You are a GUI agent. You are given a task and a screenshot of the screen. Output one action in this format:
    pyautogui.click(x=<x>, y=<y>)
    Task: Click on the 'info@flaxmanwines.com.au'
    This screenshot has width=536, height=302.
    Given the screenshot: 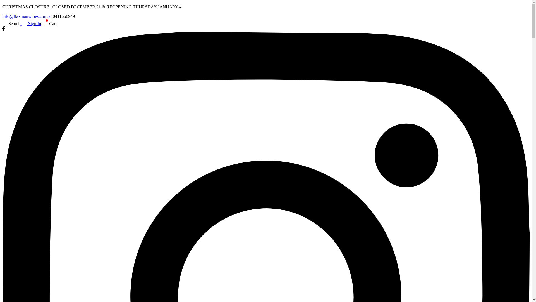 What is the action you would take?
    pyautogui.click(x=27, y=16)
    